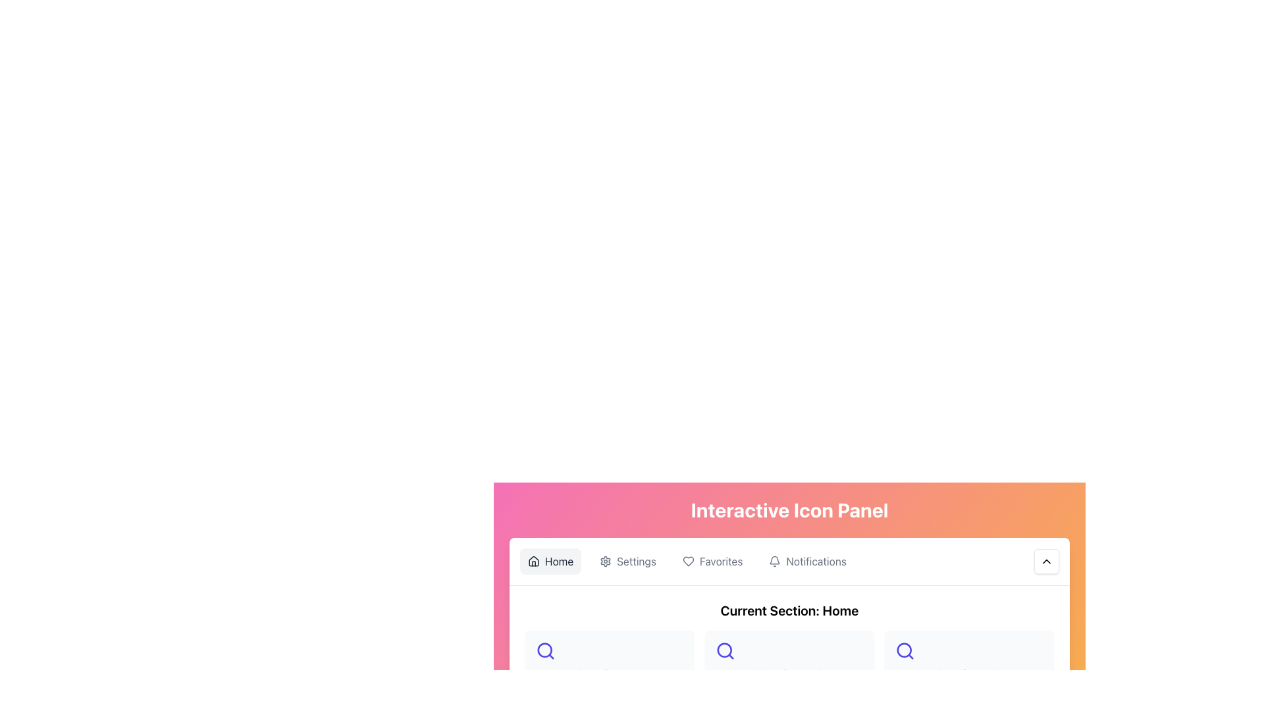 The image size is (1264, 711). I want to click on the circular graphic within the search icon, which is the second icon from the left in the featured section, so click(903, 649).